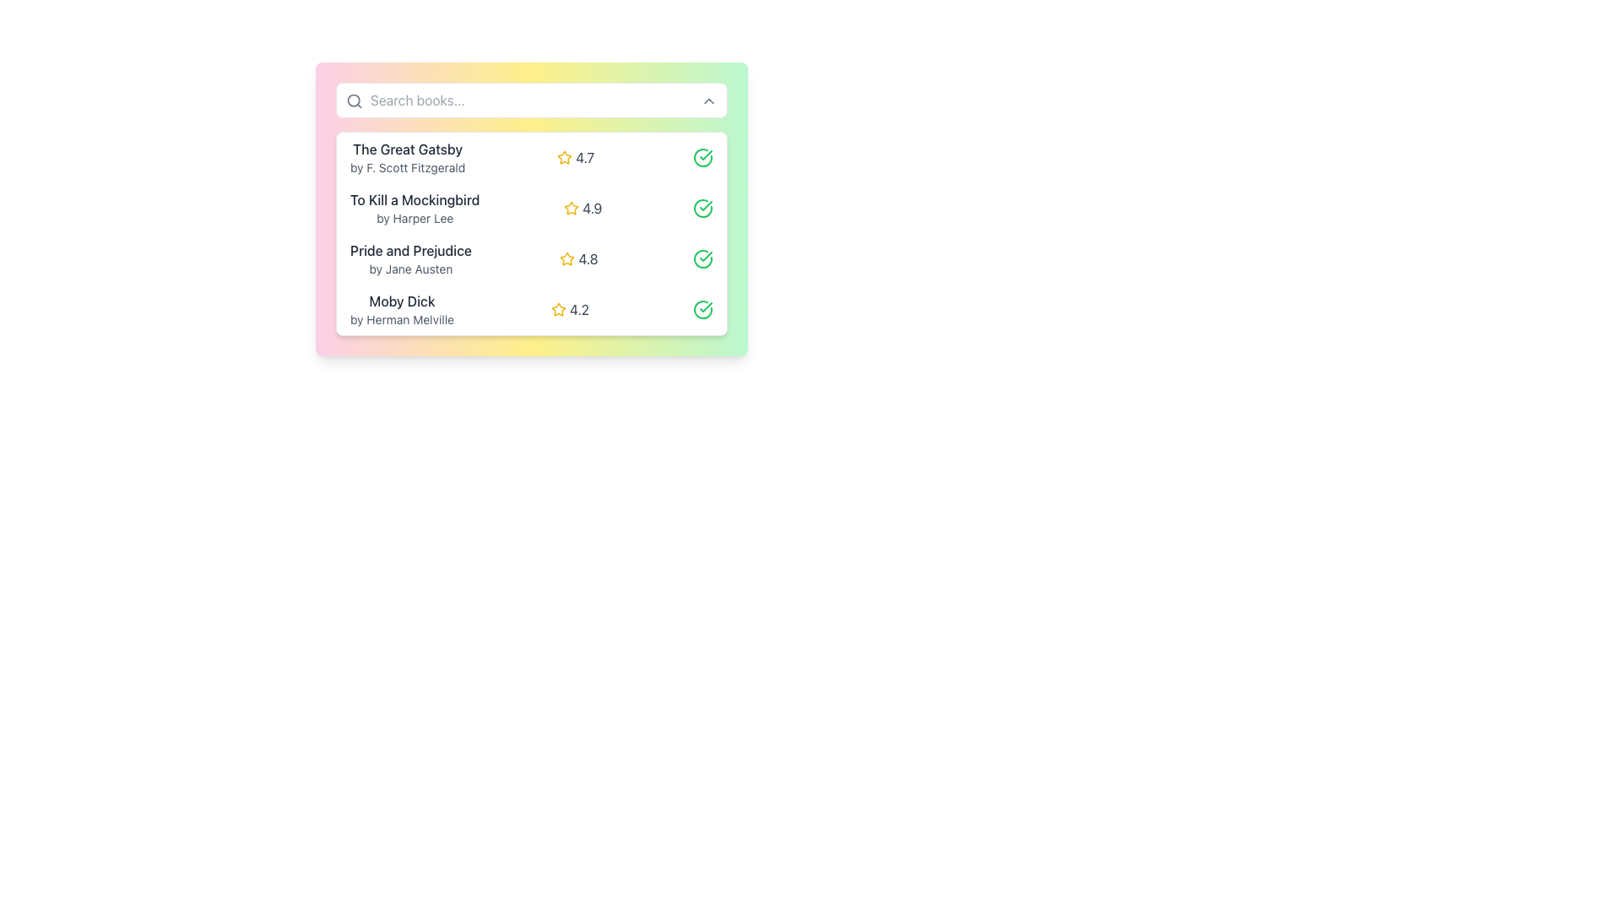  I want to click on the Text label that displays the title of a book, located at the top-left of the list of items, so click(408, 149).